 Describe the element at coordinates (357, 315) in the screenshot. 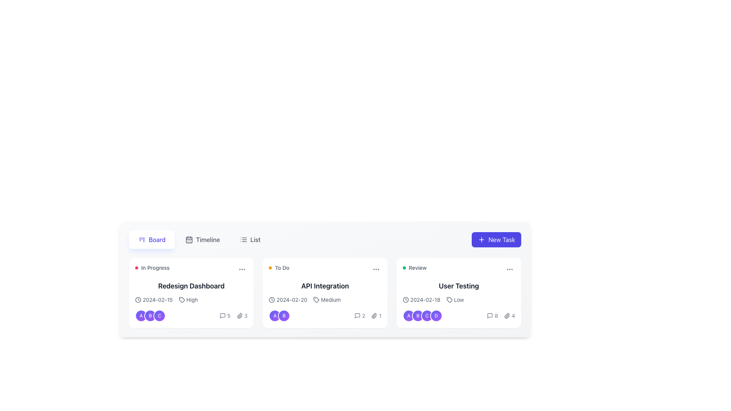

I see `the speech bubble icon located to the left of the numeric label '2' in the 'To Do' section of the 'API Integration' card` at that location.